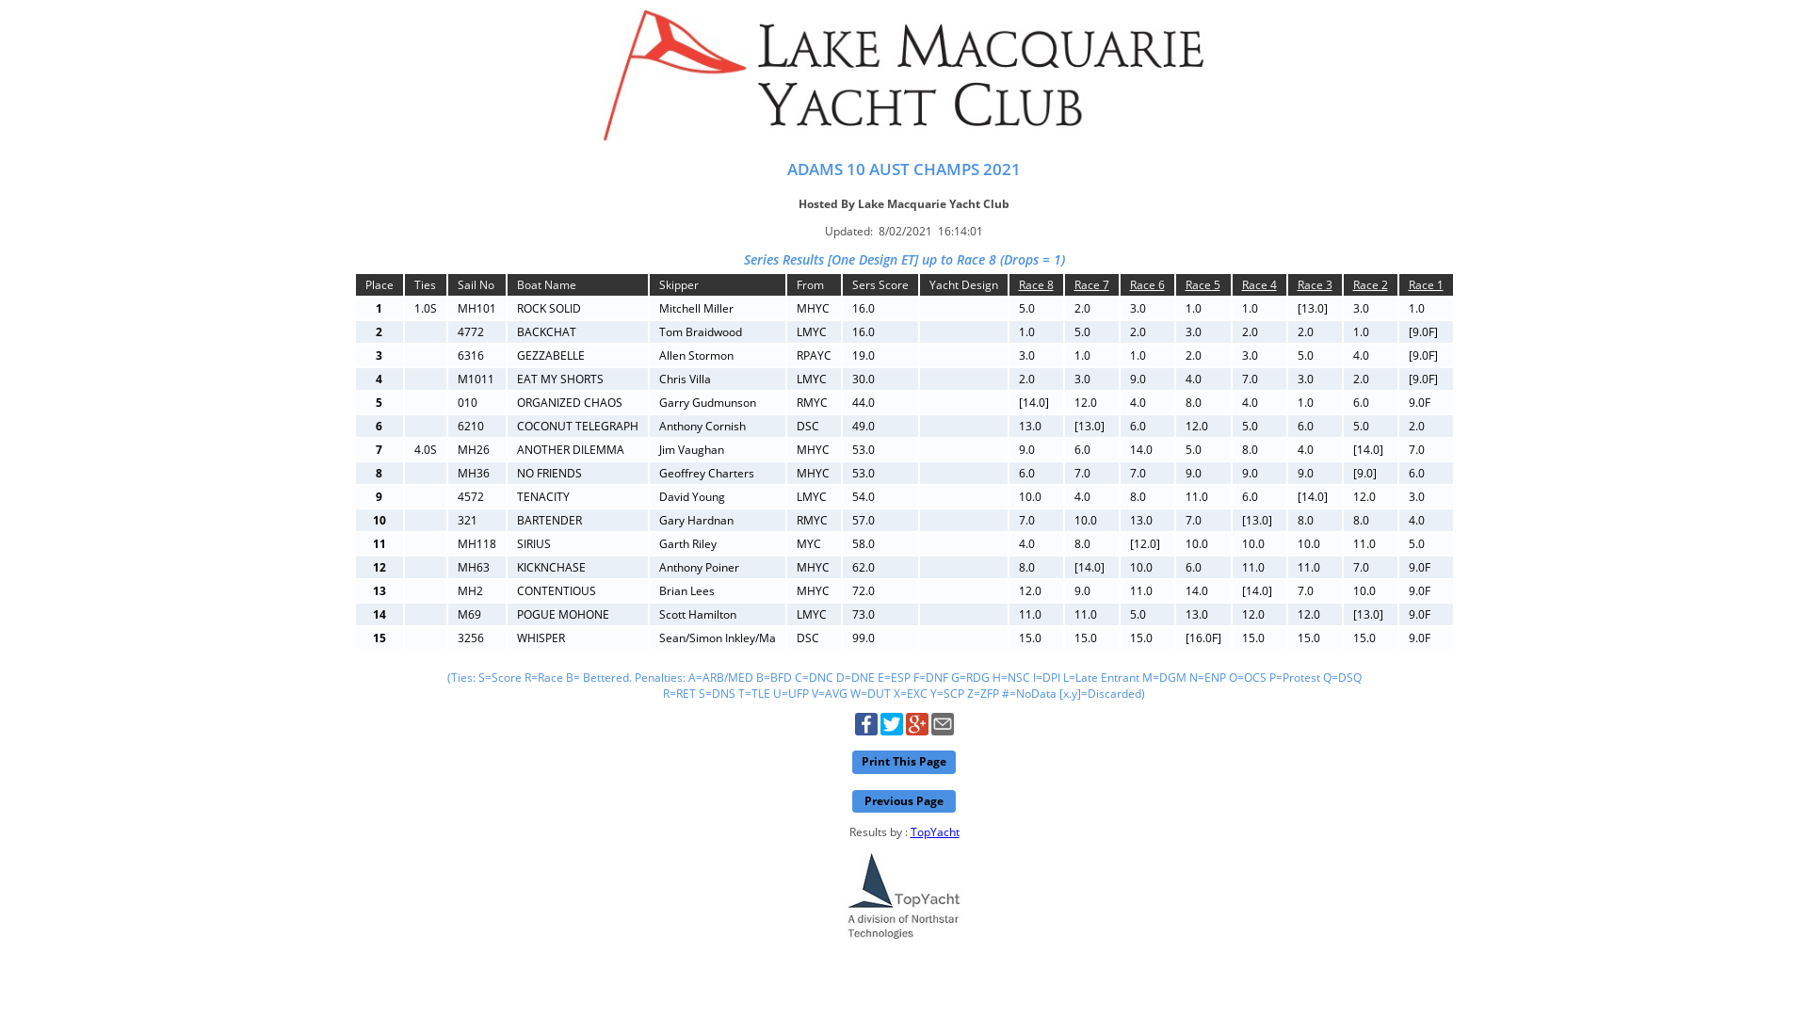  Describe the element at coordinates (1314, 284) in the screenshot. I see `'Race 3'` at that location.